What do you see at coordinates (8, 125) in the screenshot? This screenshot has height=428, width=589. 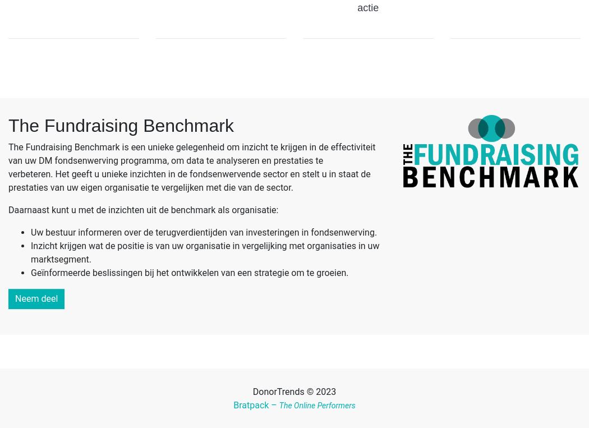 I see `'The Fundraising Benchmark'` at bounding box center [8, 125].